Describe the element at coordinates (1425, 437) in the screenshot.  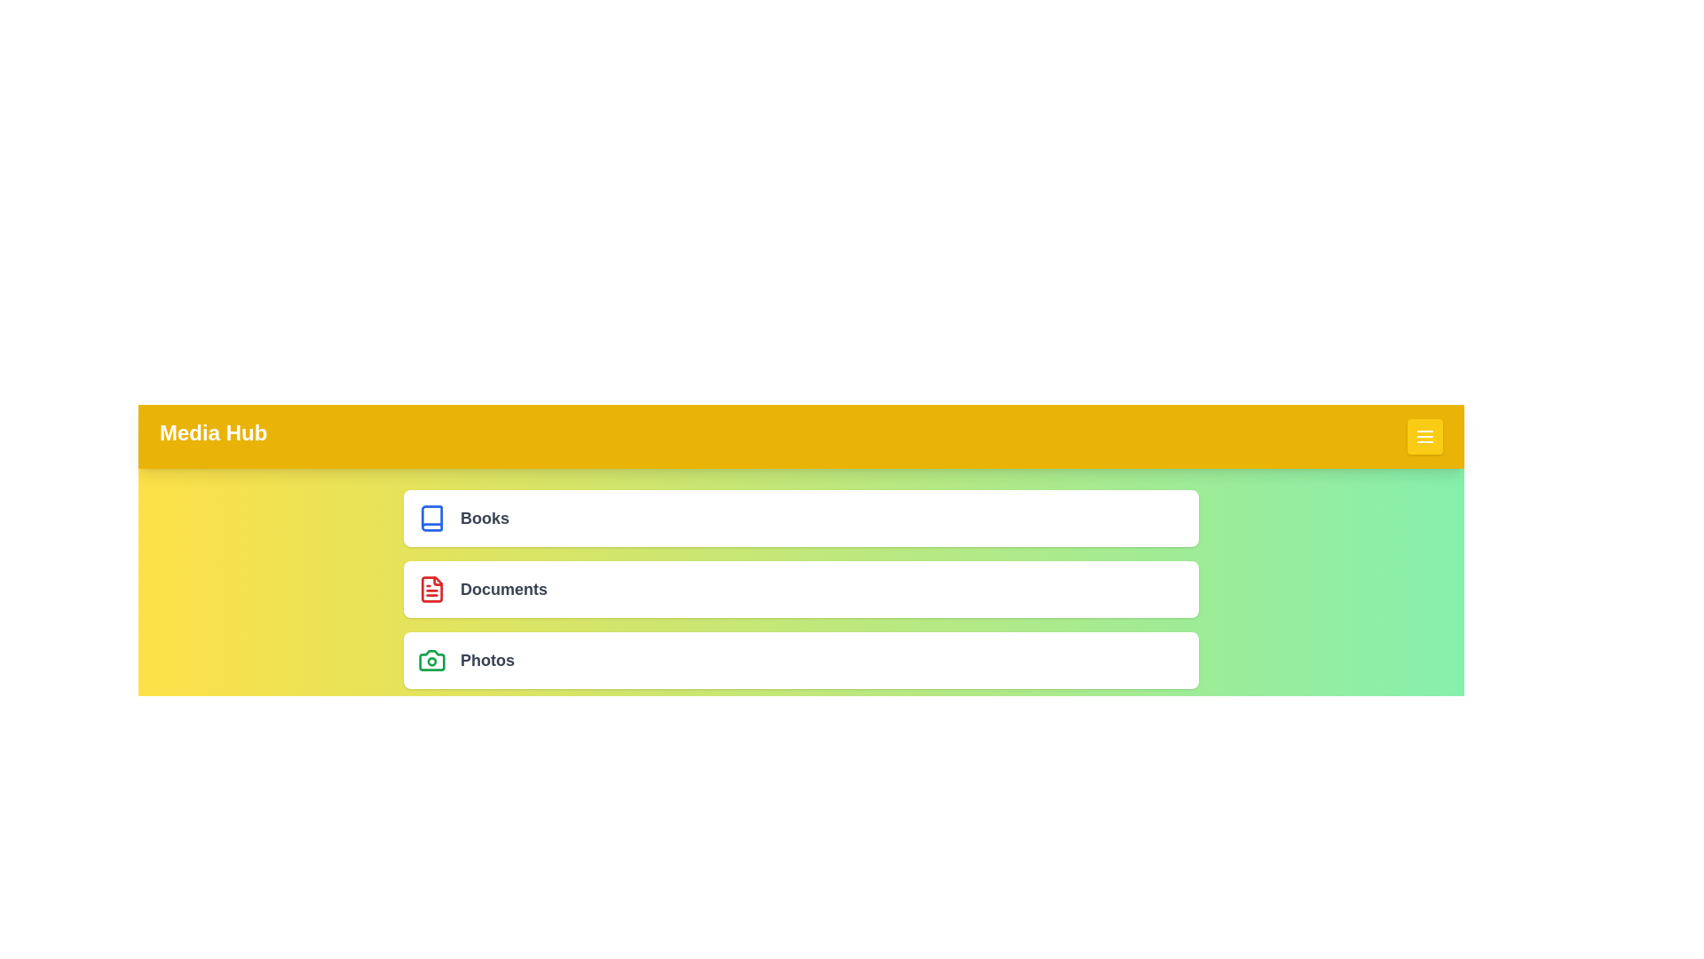
I see `menu button to toggle the menu visibility` at that location.